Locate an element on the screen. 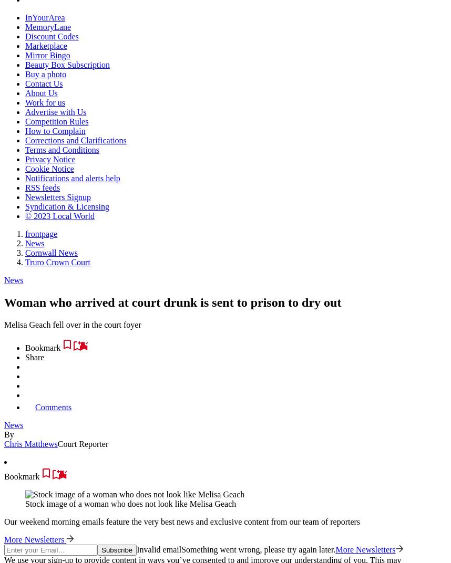 This screenshot has width=451, height=563. 'Work for us' is located at coordinates (44, 102).